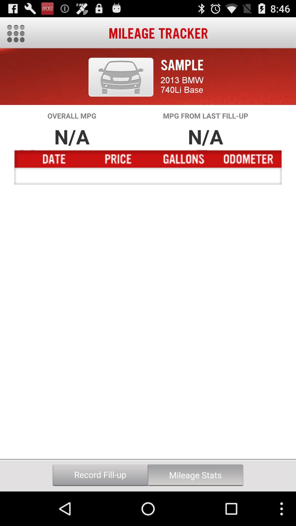 This screenshot has height=526, width=296. I want to click on the icon next to sample, so click(121, 77).